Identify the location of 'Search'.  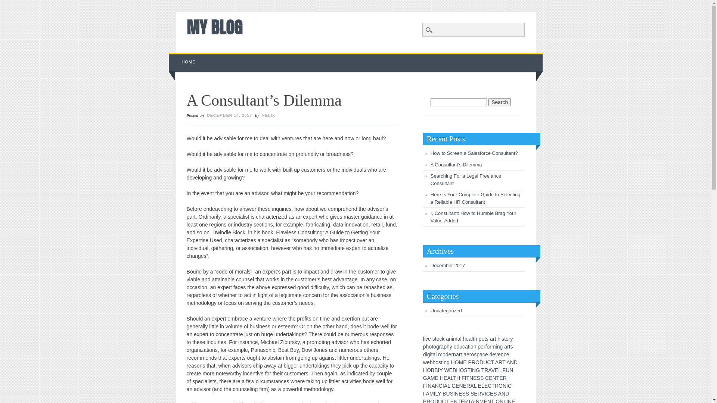
(11, 4).